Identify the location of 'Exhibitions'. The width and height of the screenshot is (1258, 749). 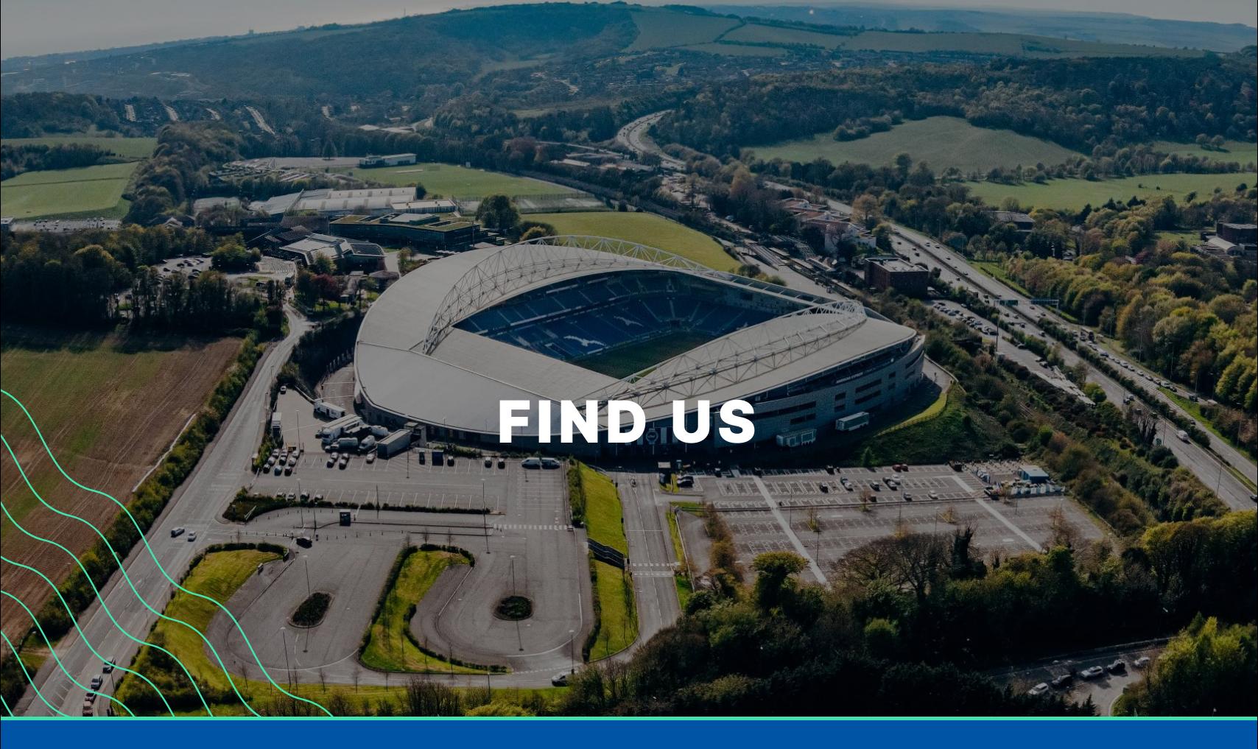
(305, 196).